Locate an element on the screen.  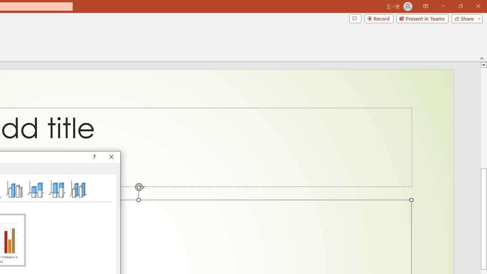
'3-D 100% Stacked Column' is located at coordinates (56, 188).